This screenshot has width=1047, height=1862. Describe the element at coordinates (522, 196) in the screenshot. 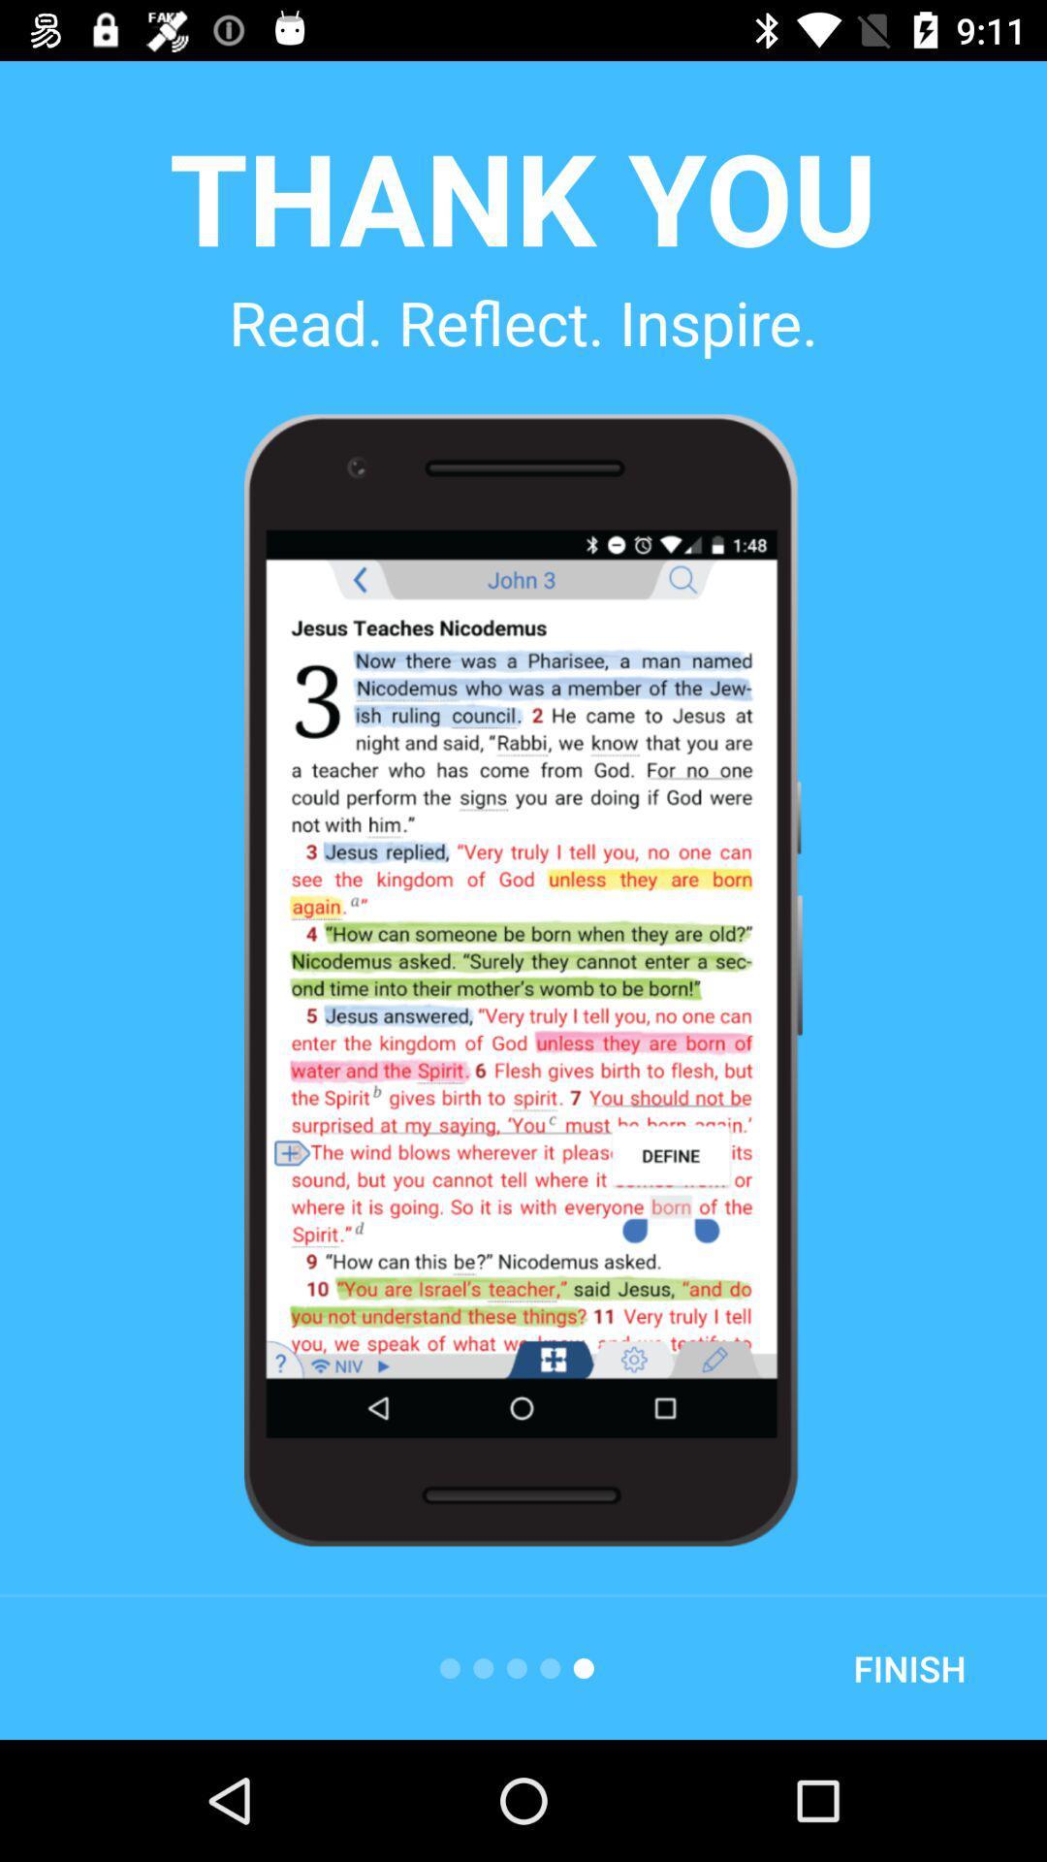

I see `thank you` at that location.